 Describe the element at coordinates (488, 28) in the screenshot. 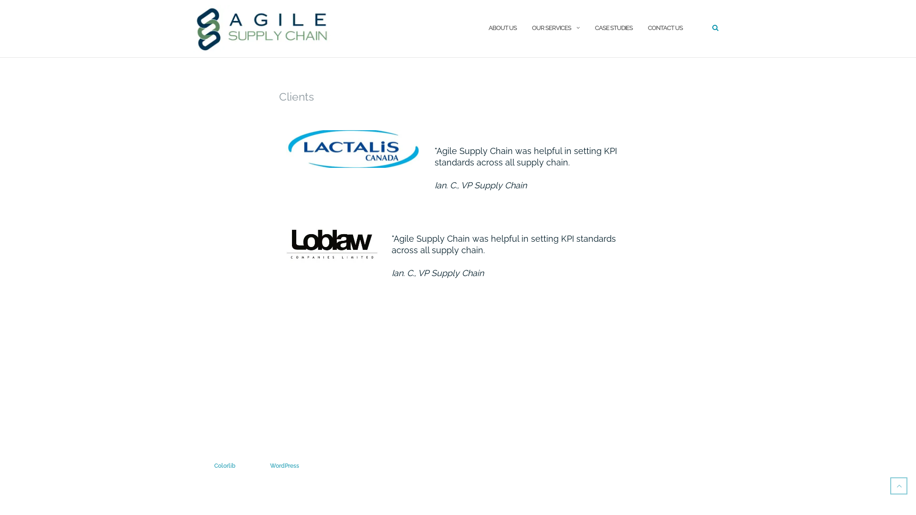

I see `'ABOUT US'` at that location.